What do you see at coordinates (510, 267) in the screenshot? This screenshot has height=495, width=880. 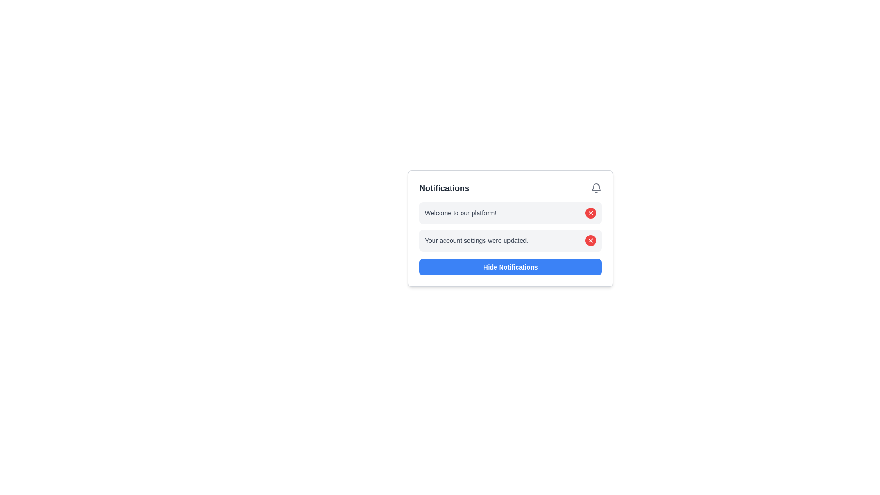 I see `the button at the bottom of the 'Notifications' card to hide notifications` at bounding box center [510, 267].